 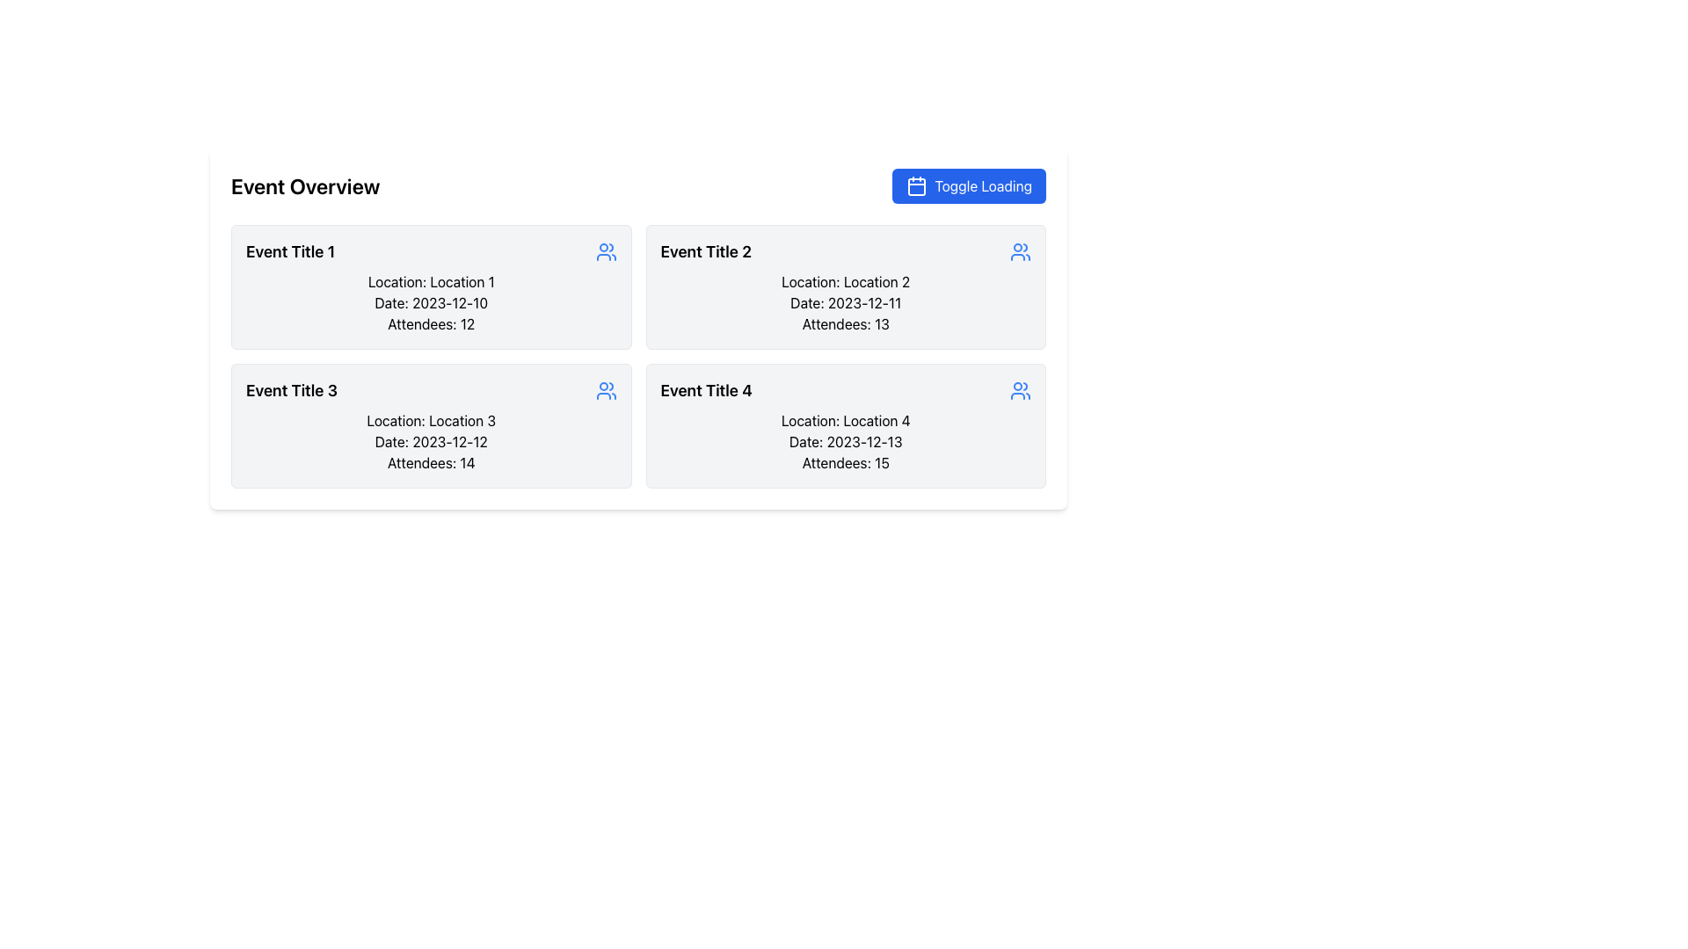 What do you see at coordinates (606, 251) in the screenshot?
I see `the blue icon resembling a group of people, which is located adjacent to 'Event Title 1' at the far right of the event card` at bounding box center [606, 251].